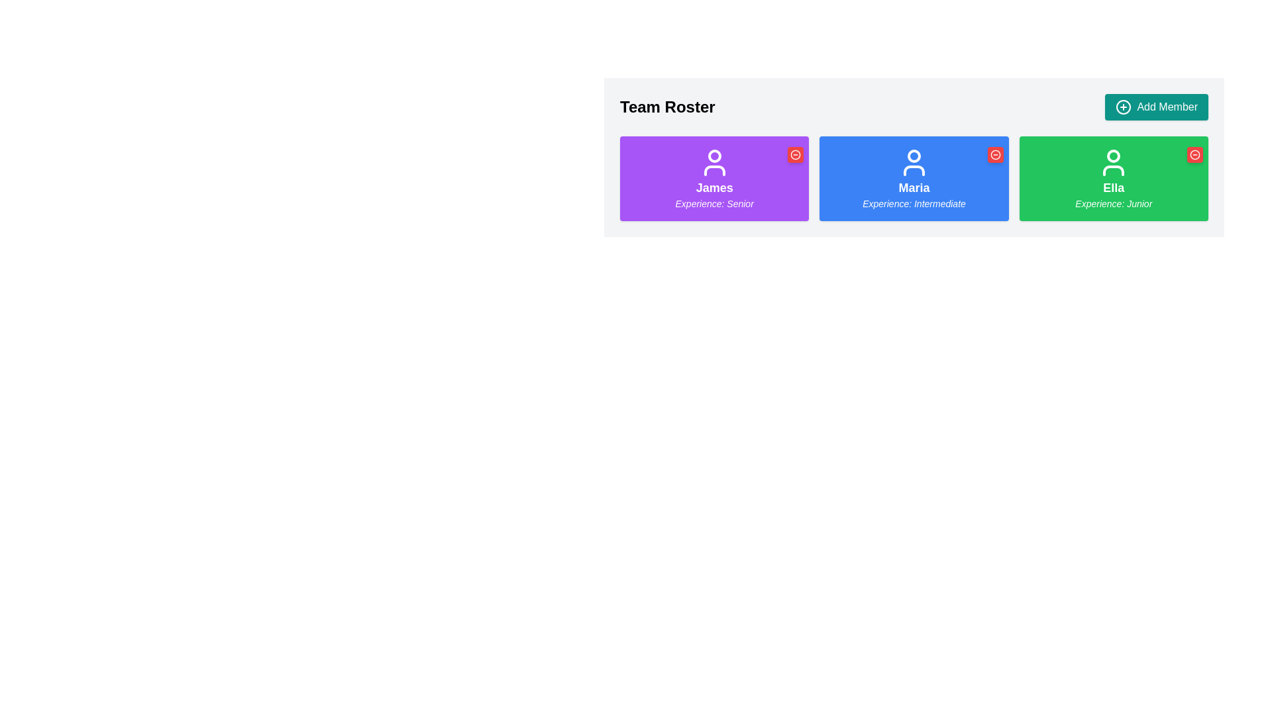 This screenshot has height=715, width=1272. I want to click on the small circular red button with a minus symbol inside, located at the top-right corner of the card dedicated to 'Maria', so click(995, 154).